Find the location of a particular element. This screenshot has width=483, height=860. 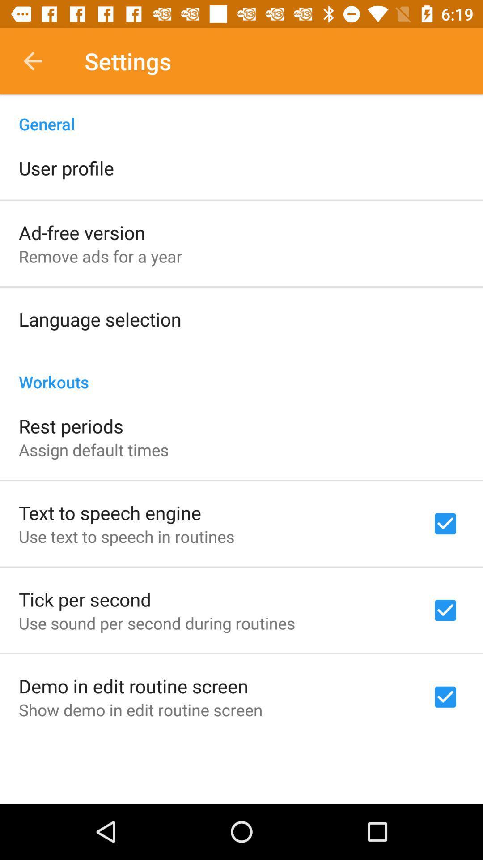

item below the rest periods item is located at coordinates (93, 450).